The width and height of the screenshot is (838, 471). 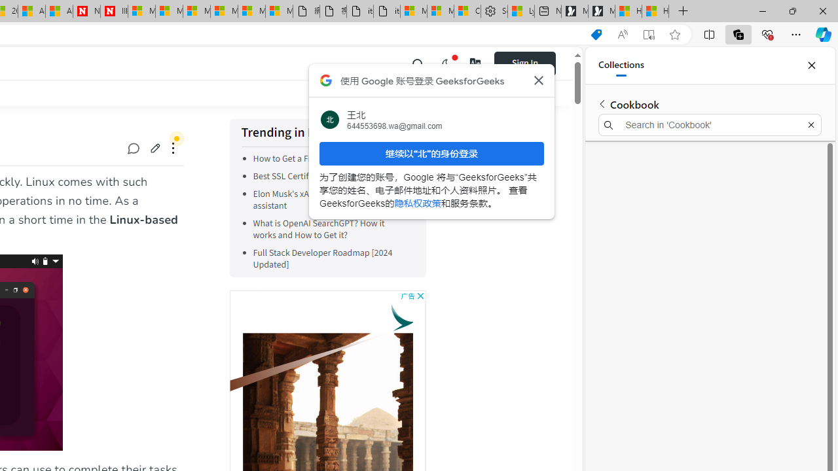 What do you see at coordinates (601, 11) in the screenshot?
I see `'Microsoft Start Gaming'` at bounding box center [601, 11].